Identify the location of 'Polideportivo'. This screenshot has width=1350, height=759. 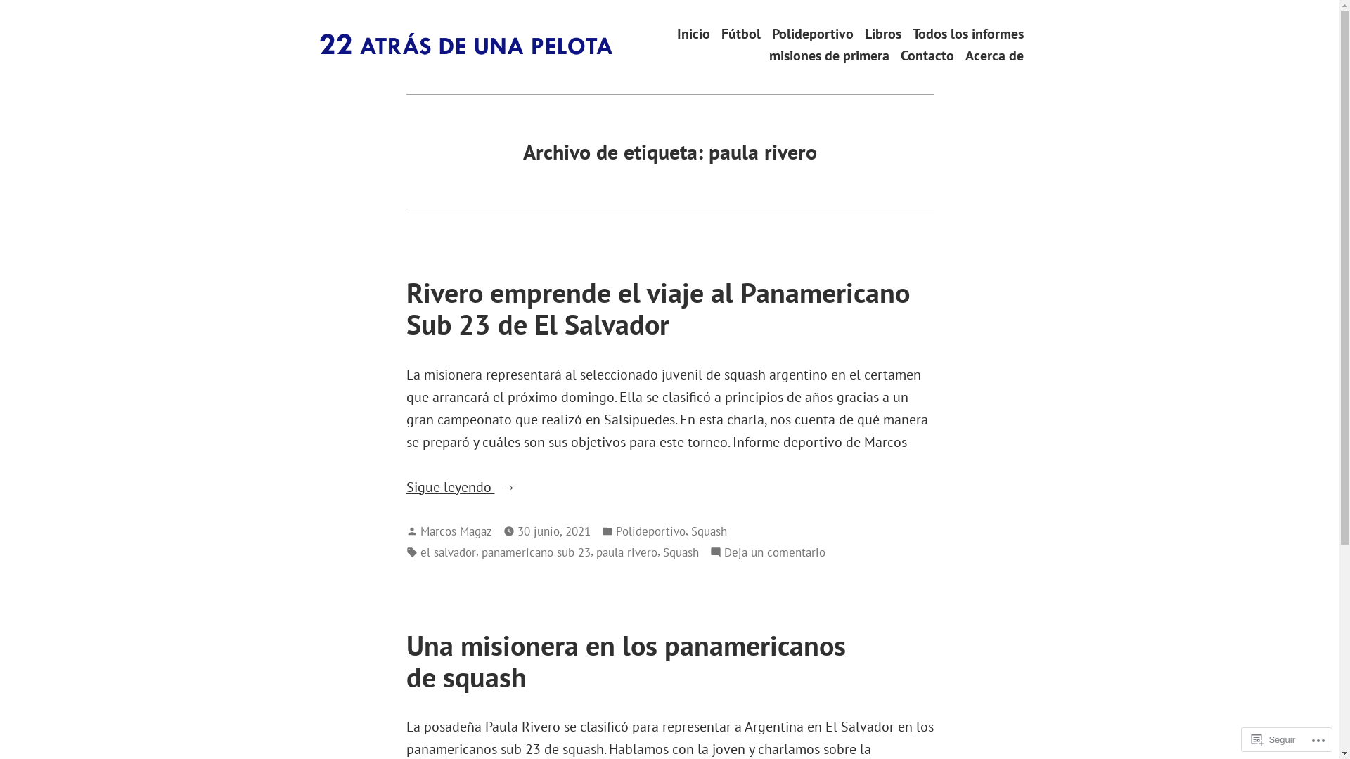
(813, 32).